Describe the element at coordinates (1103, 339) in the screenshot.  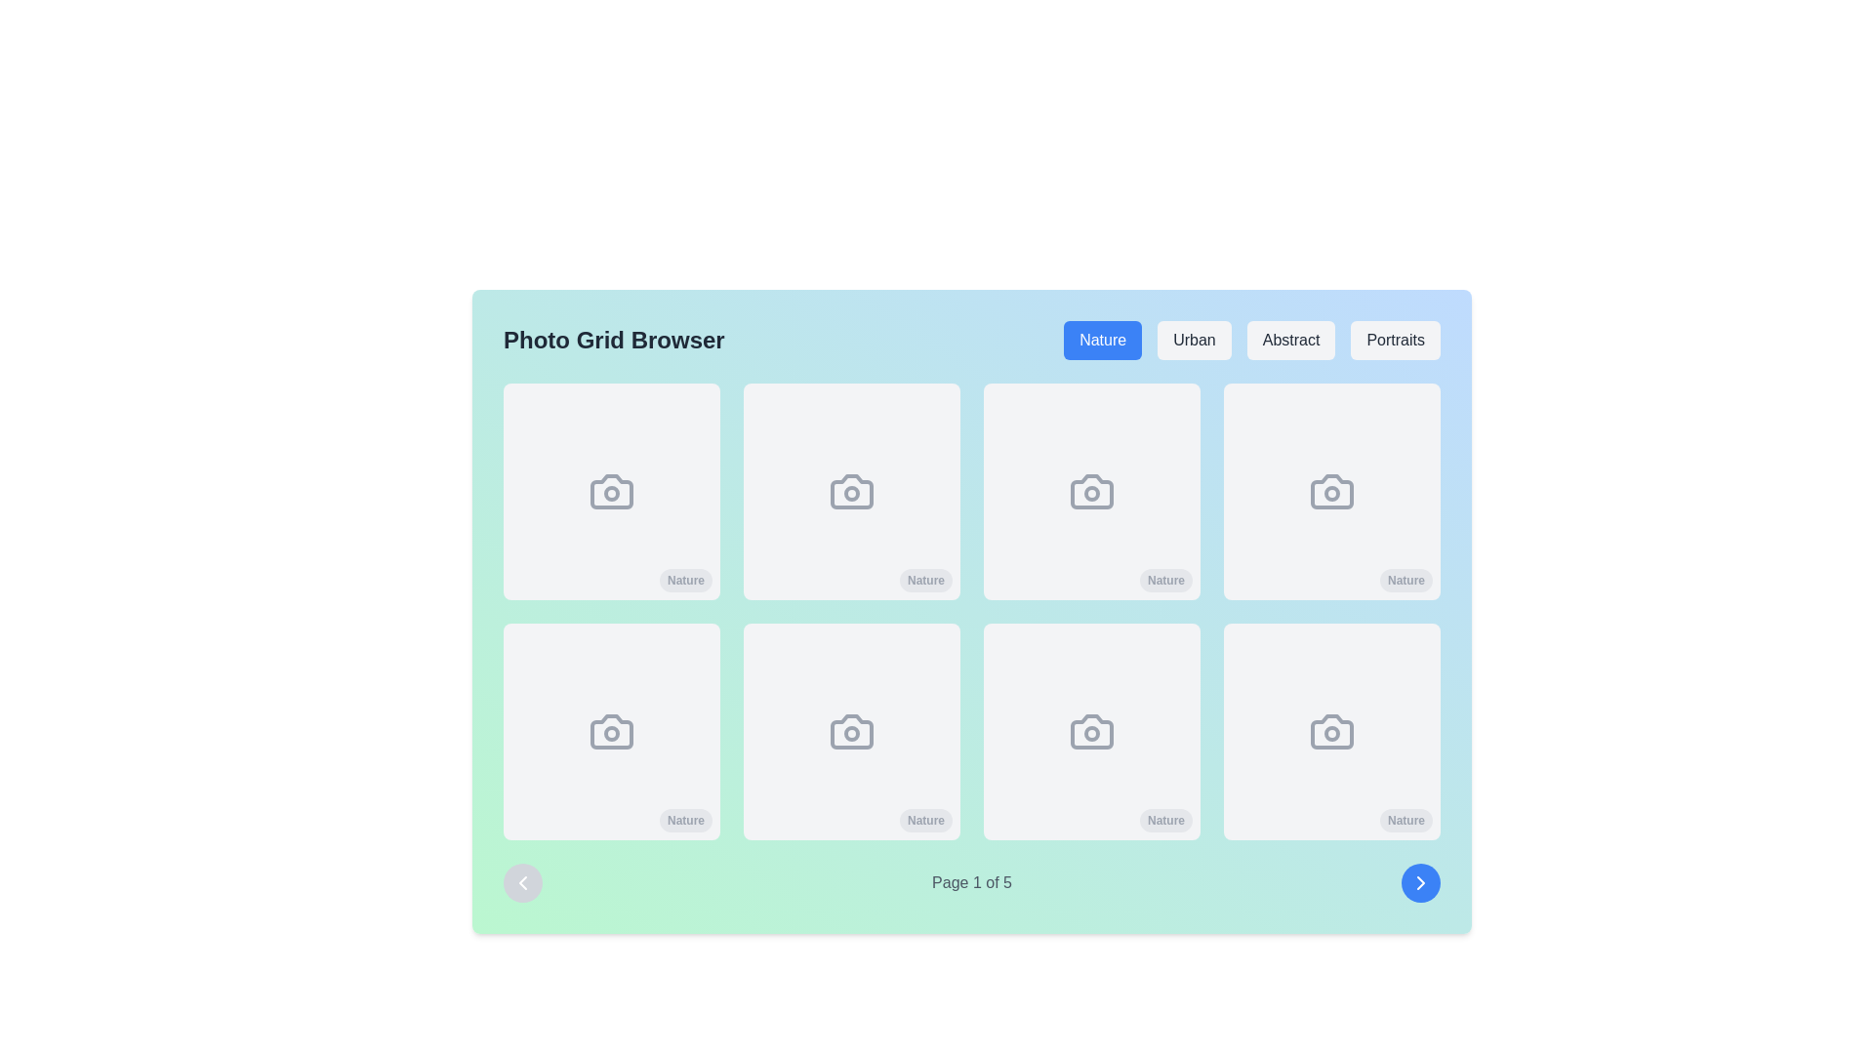
I see `the 'Nature' category selection button located at the top-right of the interface` at that location.